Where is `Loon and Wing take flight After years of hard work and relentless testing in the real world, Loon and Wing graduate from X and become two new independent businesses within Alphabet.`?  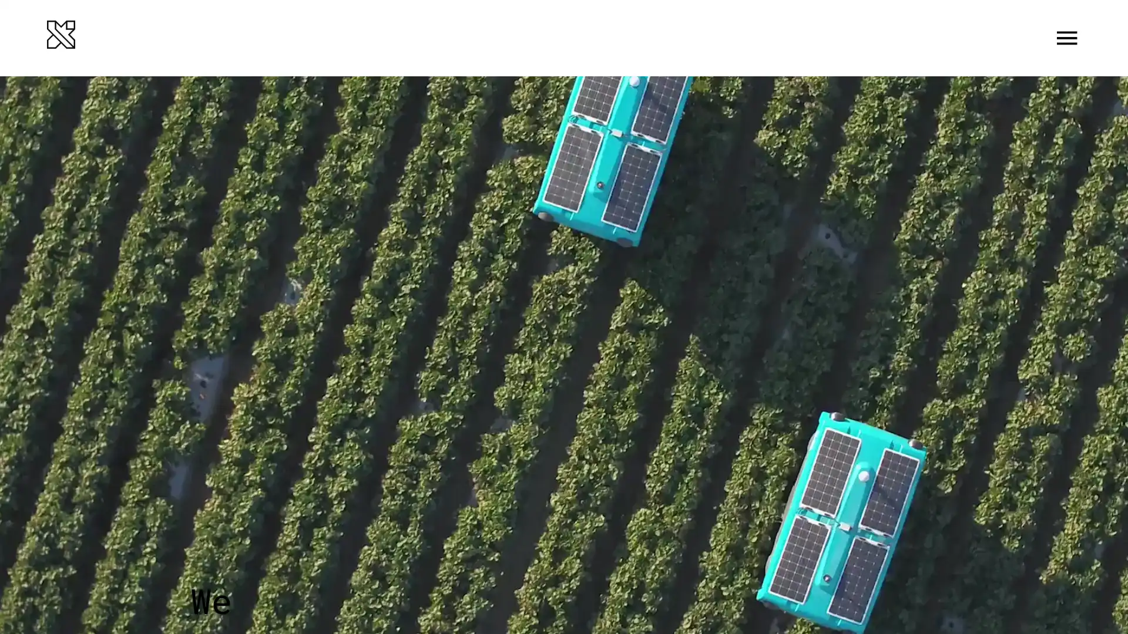 Loon and Wing take flight After years of hard work and relentless testing in the real world, Loon and Wing graduate from X and become two new independent businesses within Alphabet. is located at coordinates (595, 191).